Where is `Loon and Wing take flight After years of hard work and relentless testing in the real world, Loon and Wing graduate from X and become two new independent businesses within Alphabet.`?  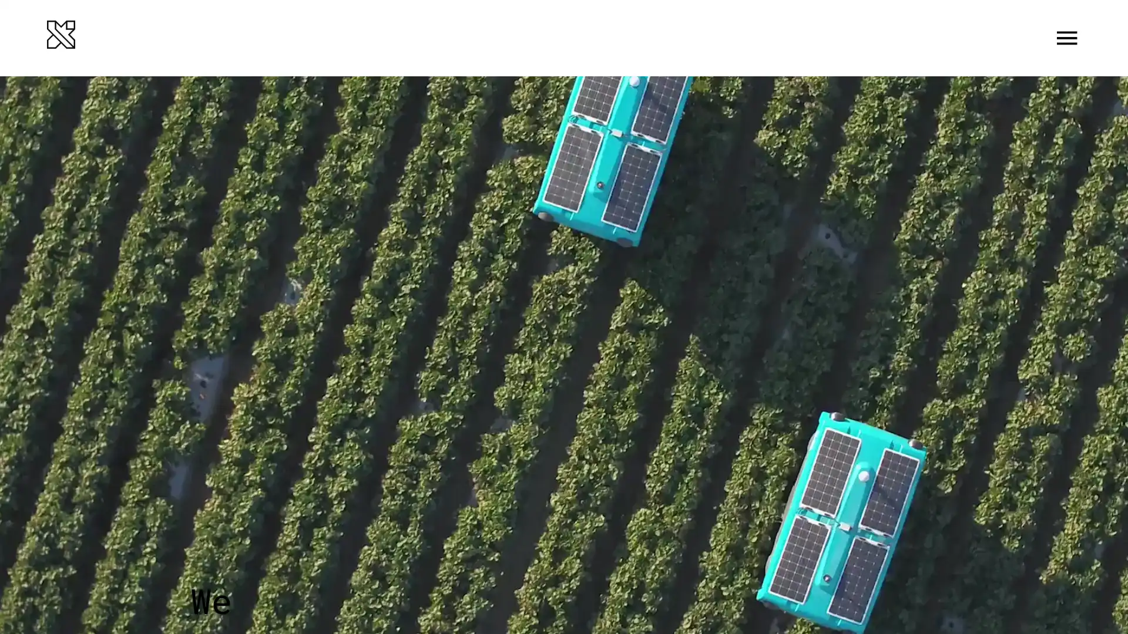 Loon and Wing take flight After years of hard work and relentless testing in the real world, Loon and Wing graduate from X and become two new independent businesses within Alphabet. is located at coordinates (595, 191).